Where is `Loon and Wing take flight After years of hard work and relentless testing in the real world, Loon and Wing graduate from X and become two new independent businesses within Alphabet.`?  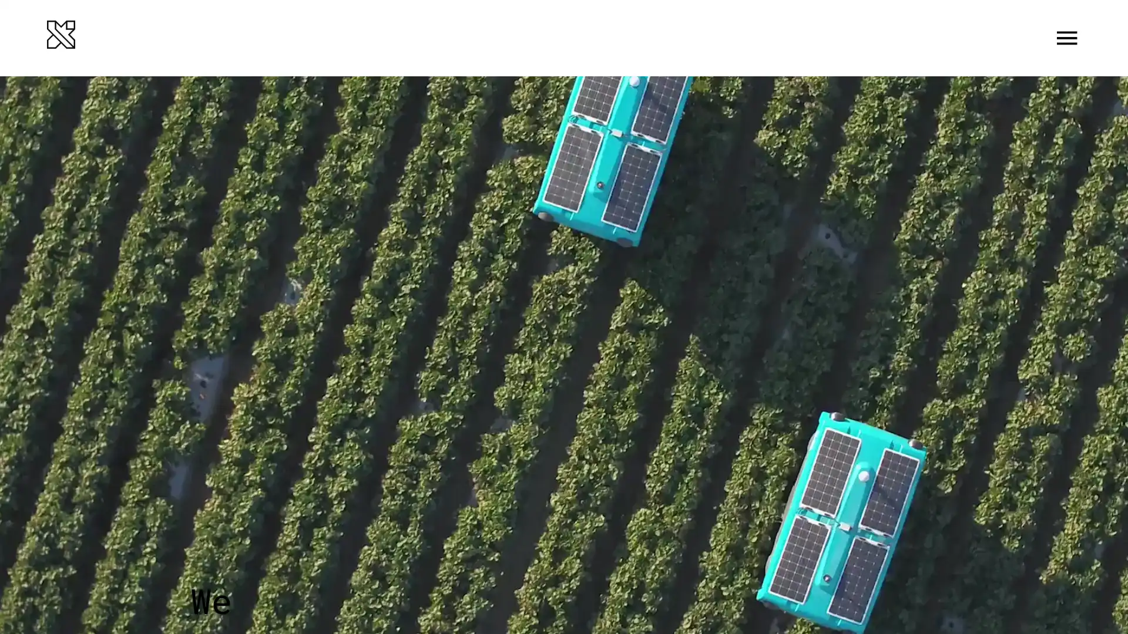 Loon and Wing take flight After years of hard work and relentless testing in the real world, Loon and Wing graduate from X and become two new independent businesses within Alphabet. is located at coordinates (595, 191).